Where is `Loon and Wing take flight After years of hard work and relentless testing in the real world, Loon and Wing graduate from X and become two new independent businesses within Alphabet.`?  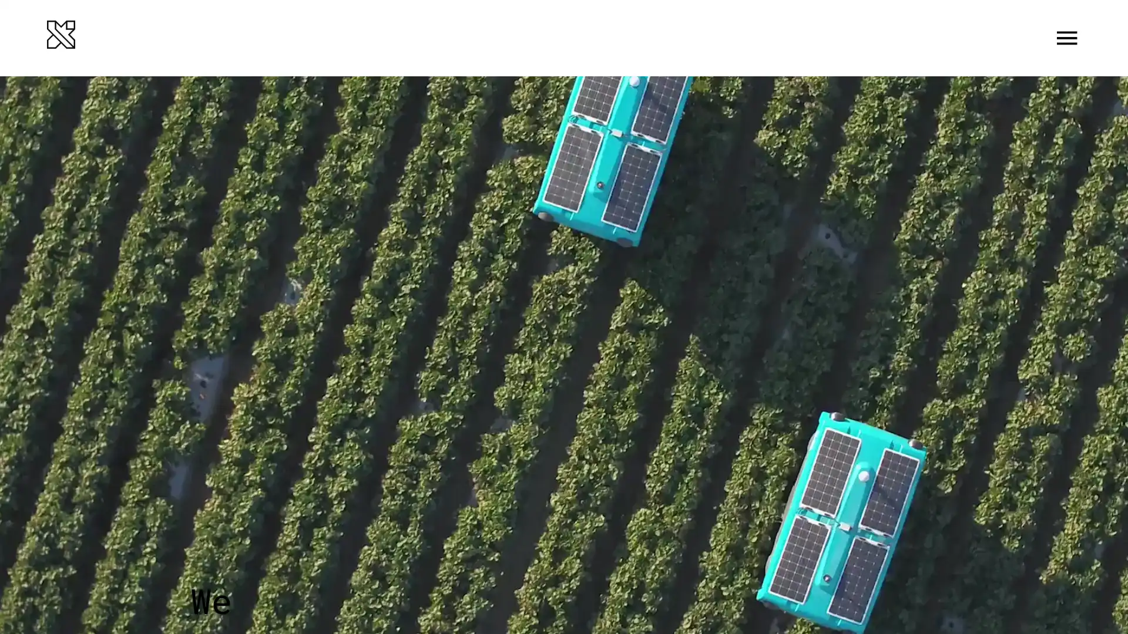 Loon and Wing take flight After years of hard work and relentless testing in the real world, Loon and Wing graduate from X and become two new independent businesses within Alphabet. is located at coordinates (595, 191).